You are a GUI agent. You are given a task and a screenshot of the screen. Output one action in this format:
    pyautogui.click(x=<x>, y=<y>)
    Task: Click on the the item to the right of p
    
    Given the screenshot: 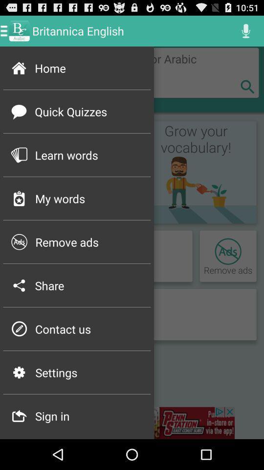 What is the action you would take?
    pyautogui.click(x=89, y=329)
    